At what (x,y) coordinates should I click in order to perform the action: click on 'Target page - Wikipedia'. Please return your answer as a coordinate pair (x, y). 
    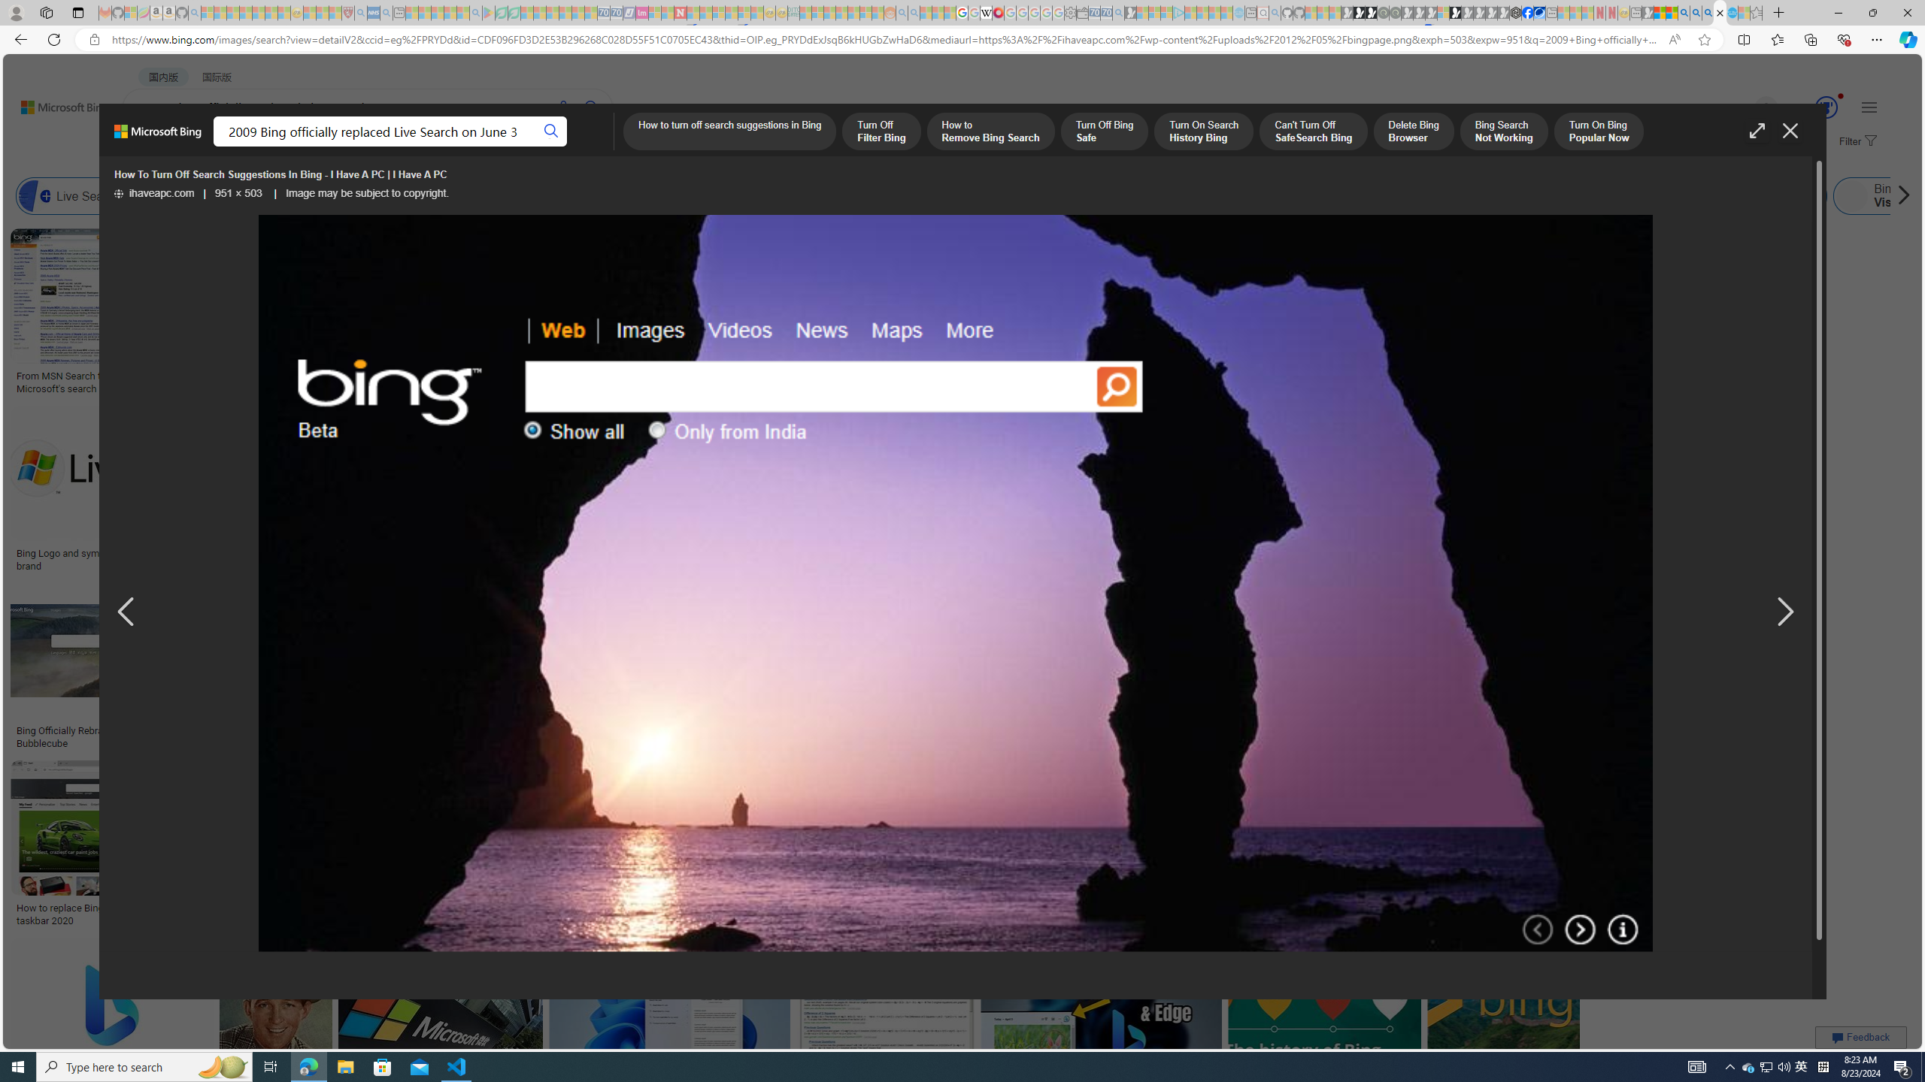
    Looking at the image, I should click on (987, 12).